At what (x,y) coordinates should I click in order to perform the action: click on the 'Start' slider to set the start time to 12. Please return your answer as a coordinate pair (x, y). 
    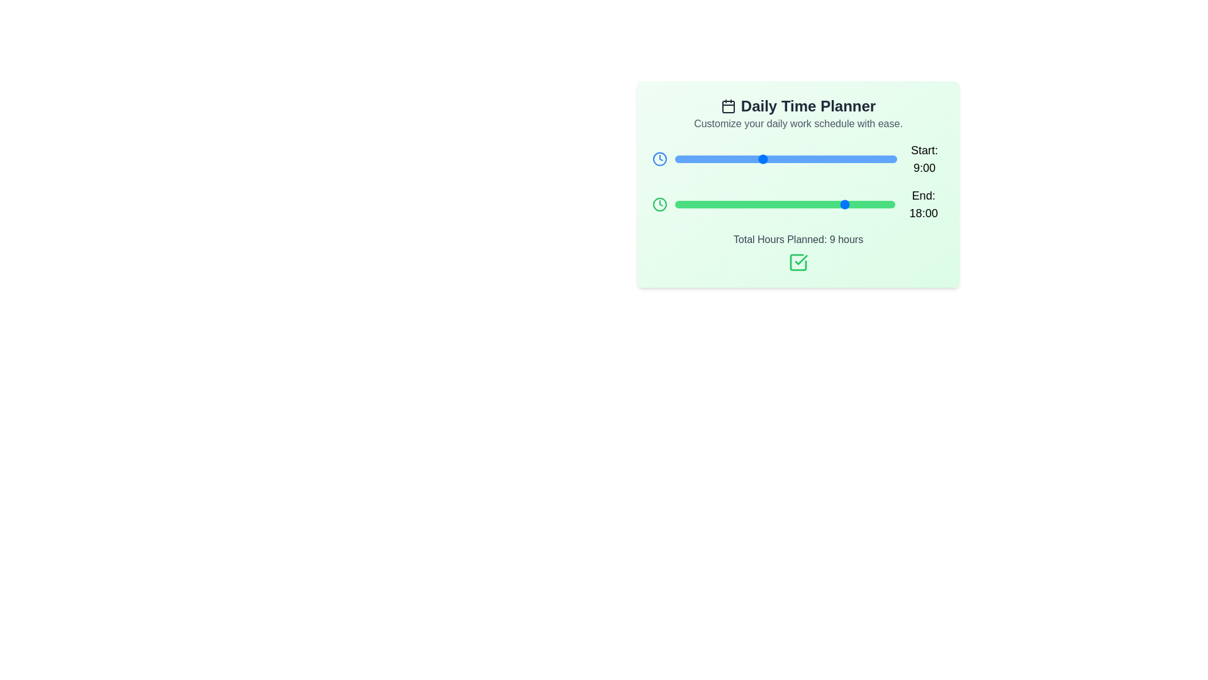
    Looking at the image, I should click on (790, 159).